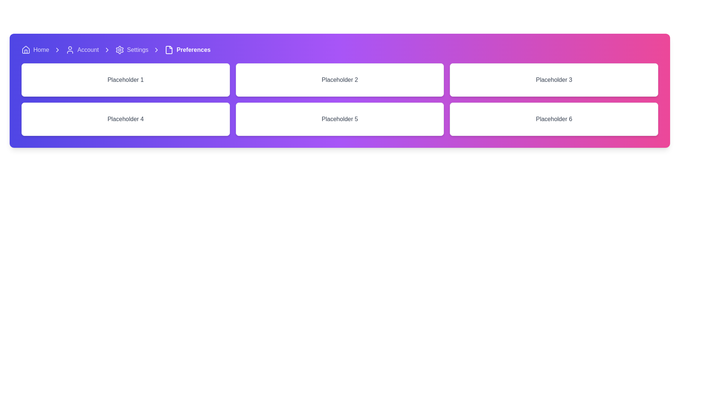 The width and height of the screenshot is (712, 400). What do you see at coordinates (554, 119) in the screenshot?
I see `the static card element with rounded corners and gray text reading 'Placeholder 6', located in the bottom-right corner of the grid layout` at bounding box center [554, 119].